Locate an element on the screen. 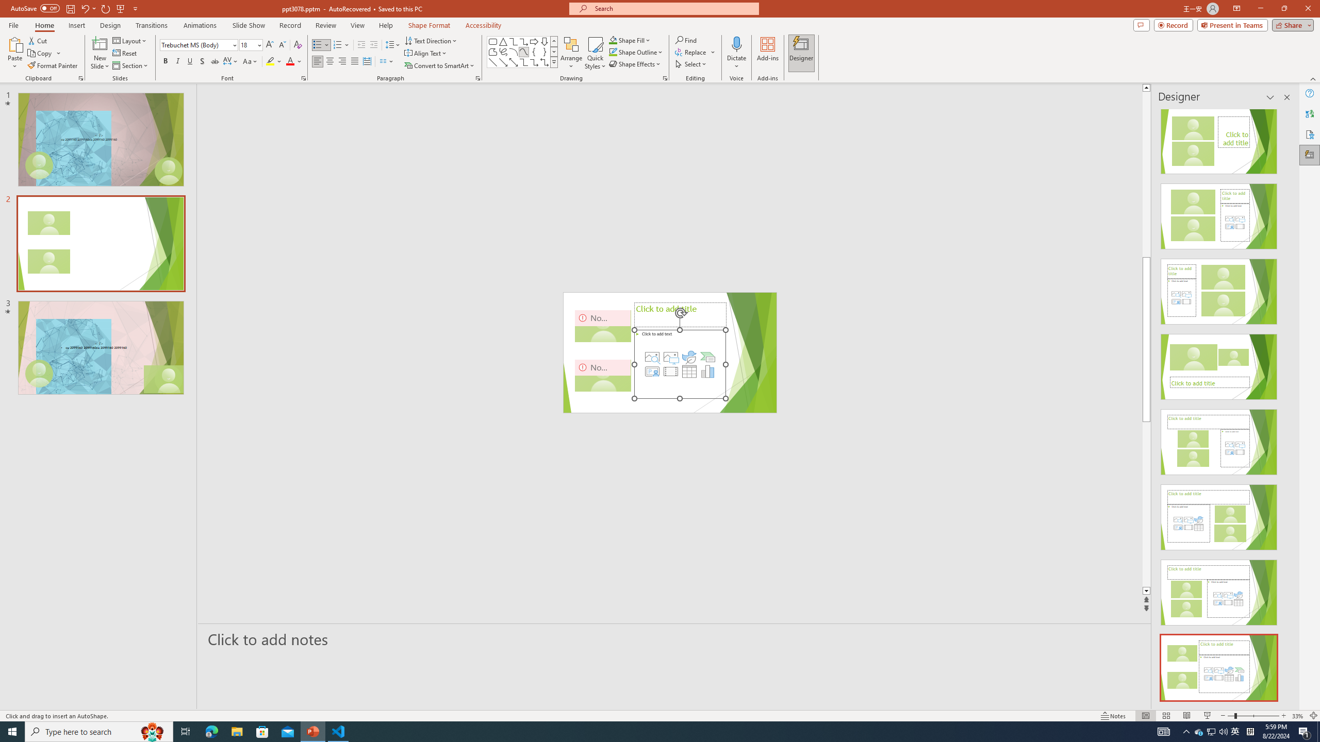 The height and width of the screenshot is (742, 1320). 'Insert Video' is located at coordinates (670, 371).